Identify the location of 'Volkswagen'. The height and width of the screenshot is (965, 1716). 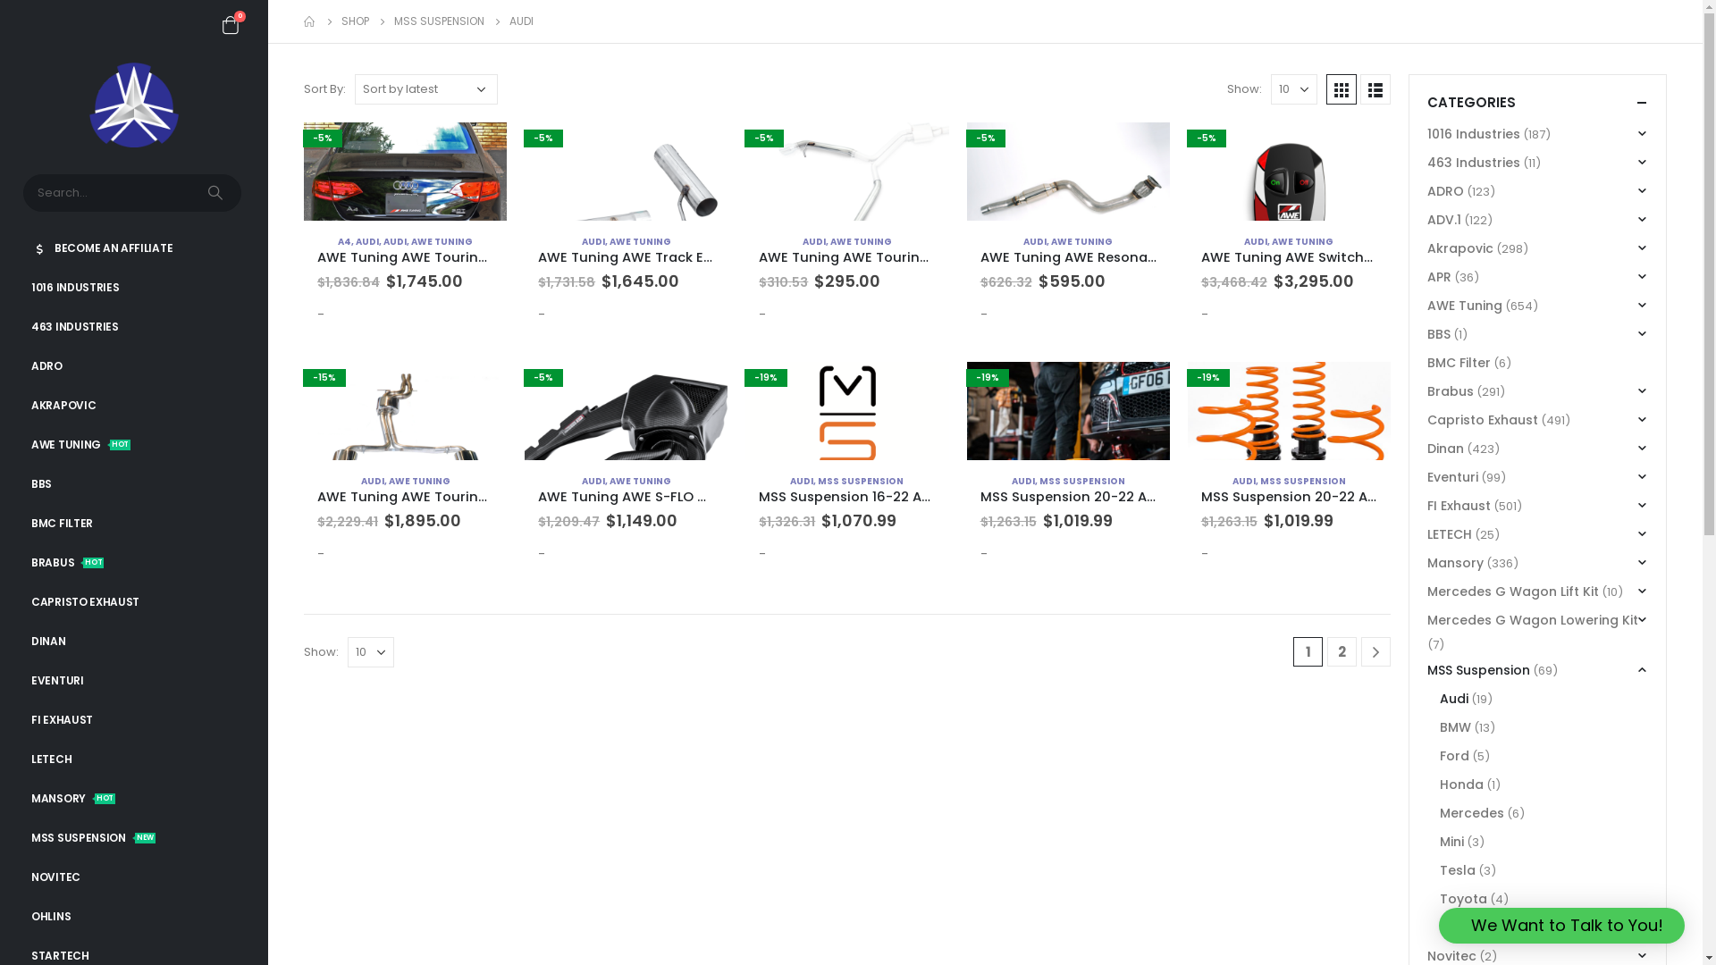
(1440, 926).